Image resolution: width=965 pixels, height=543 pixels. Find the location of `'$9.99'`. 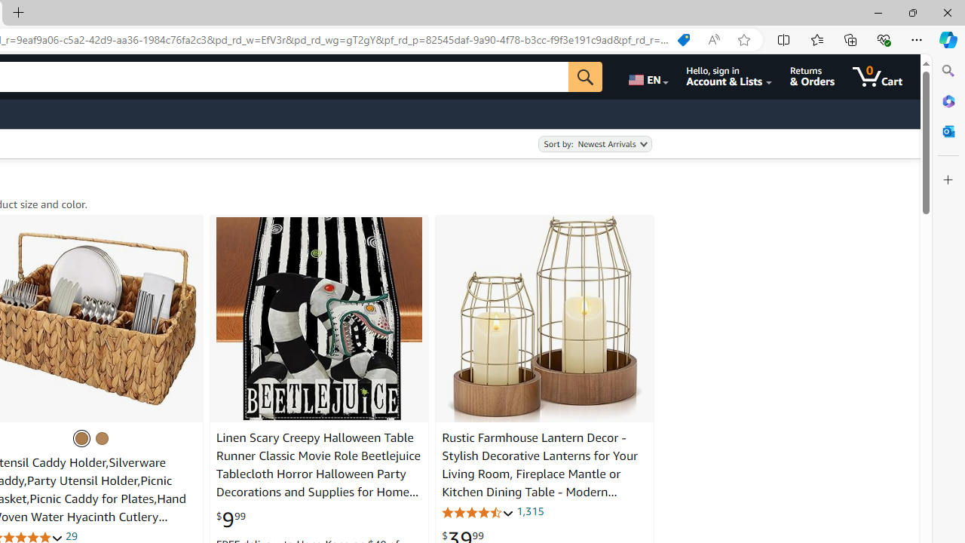

'$9.99' is located at coordinates (229, 519).